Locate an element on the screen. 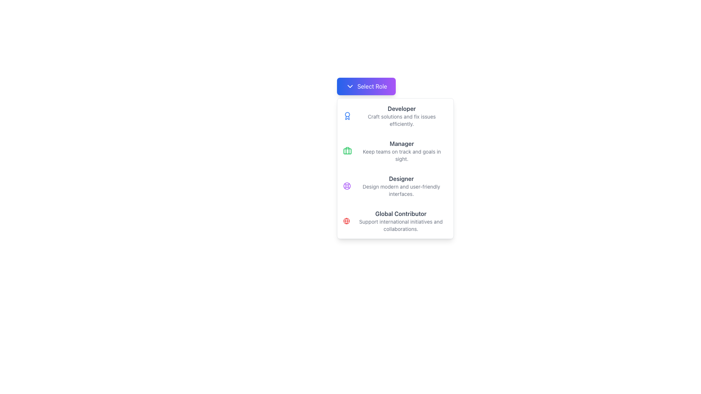 The height and width of the screenshot is (394, 701). the label for the 'Global Contributor' role, which is the title of the fourth option in the dropdown menu, located above the description for international initiatives is located at coordinates (401, 213).